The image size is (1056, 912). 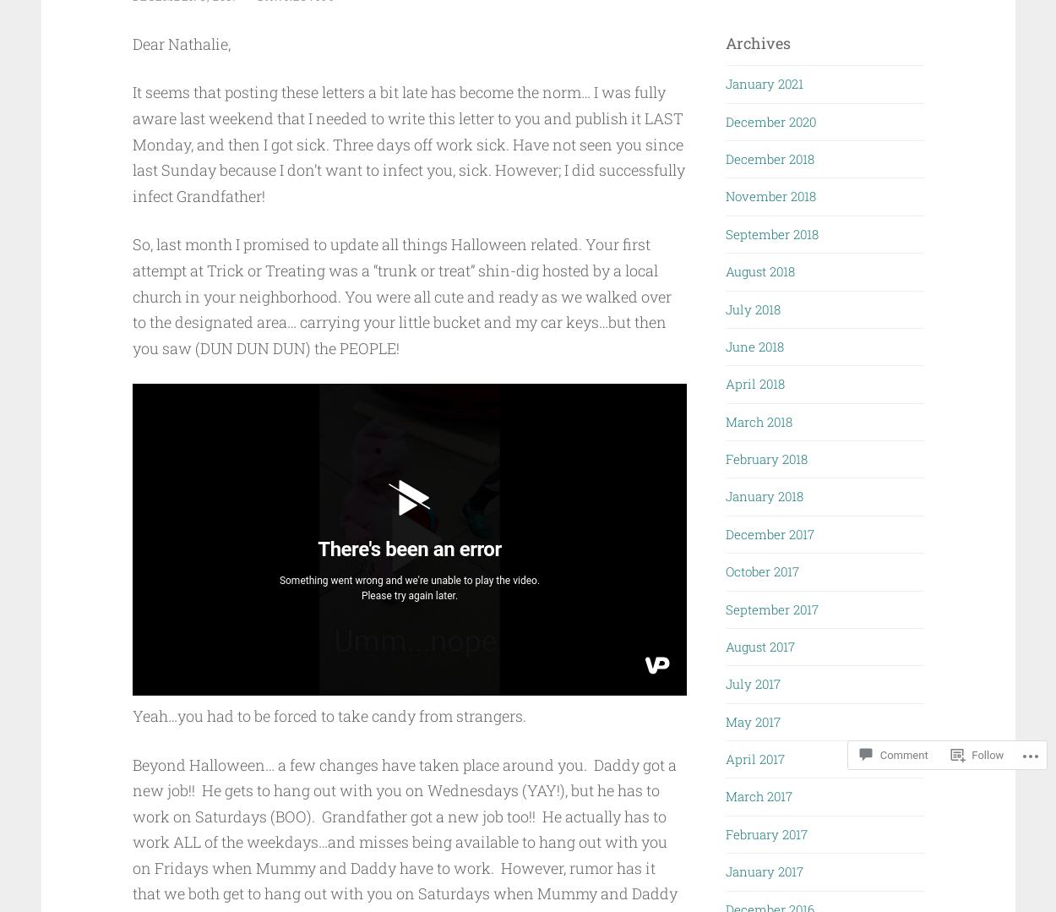 I want to click on 'August 2018', so click(x=760, y=270).